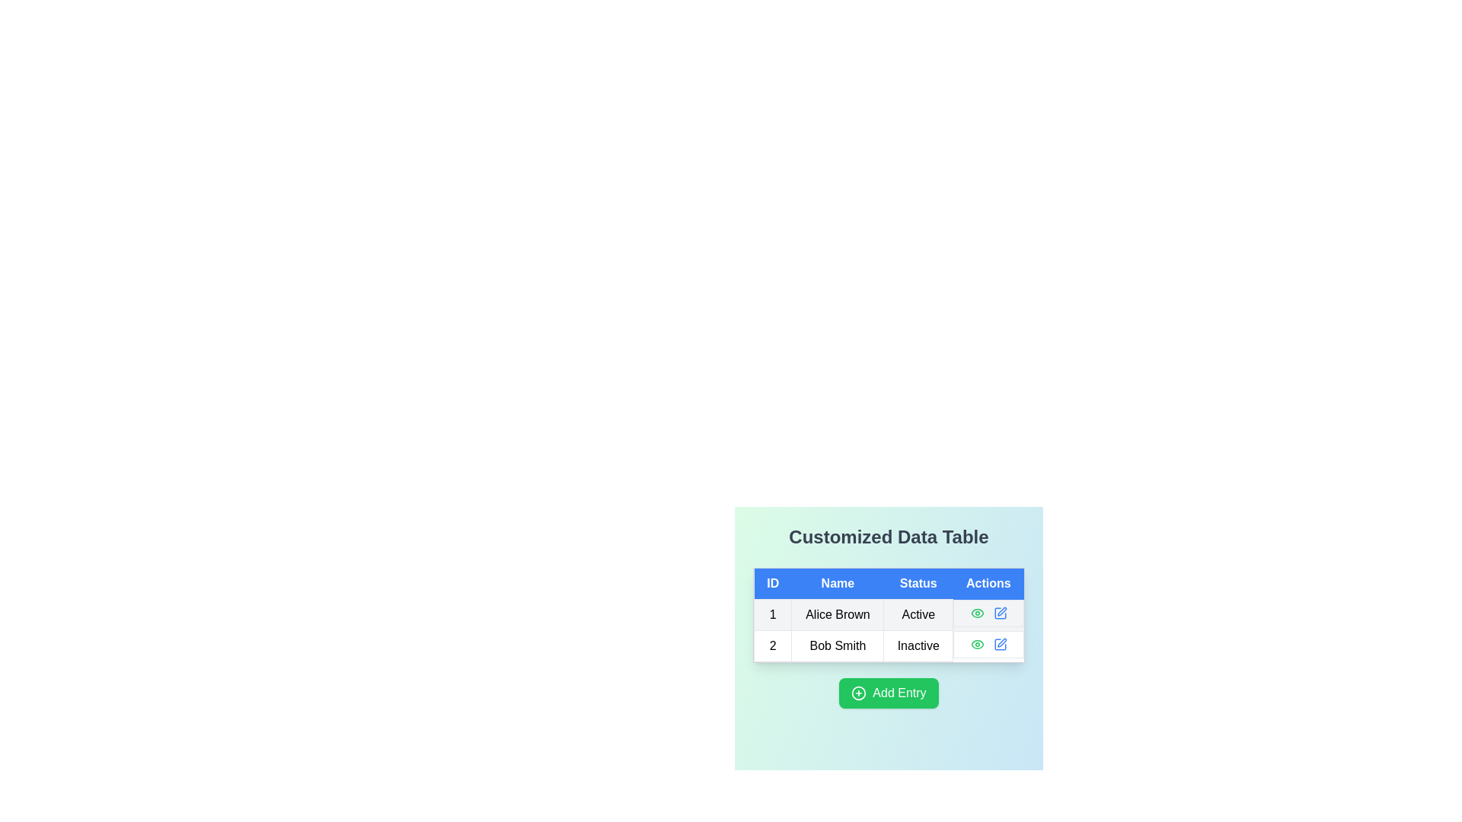 This screenshot has width=1462, height=822. What do you see at coordinates (773, 583) in the screenshot?
I see `the Table Header Cell with blue background` at bounding box center [773, 583].